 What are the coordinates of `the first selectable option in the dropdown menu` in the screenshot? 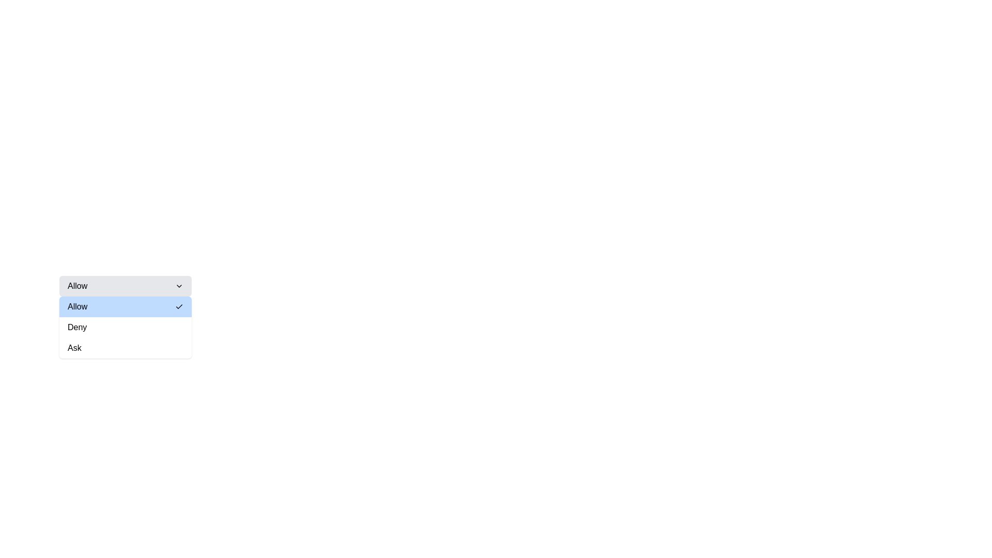 It's located at (125, 306).